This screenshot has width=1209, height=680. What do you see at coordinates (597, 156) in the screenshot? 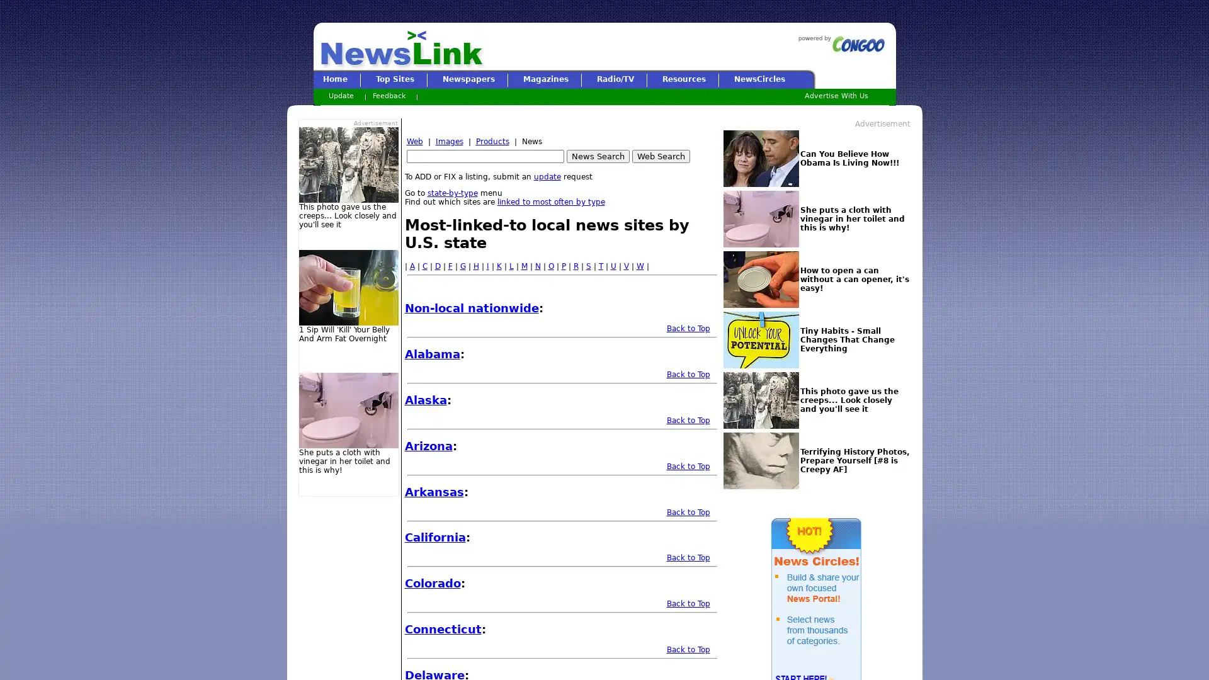
I see `News Search` at bounding box center [597, 156].